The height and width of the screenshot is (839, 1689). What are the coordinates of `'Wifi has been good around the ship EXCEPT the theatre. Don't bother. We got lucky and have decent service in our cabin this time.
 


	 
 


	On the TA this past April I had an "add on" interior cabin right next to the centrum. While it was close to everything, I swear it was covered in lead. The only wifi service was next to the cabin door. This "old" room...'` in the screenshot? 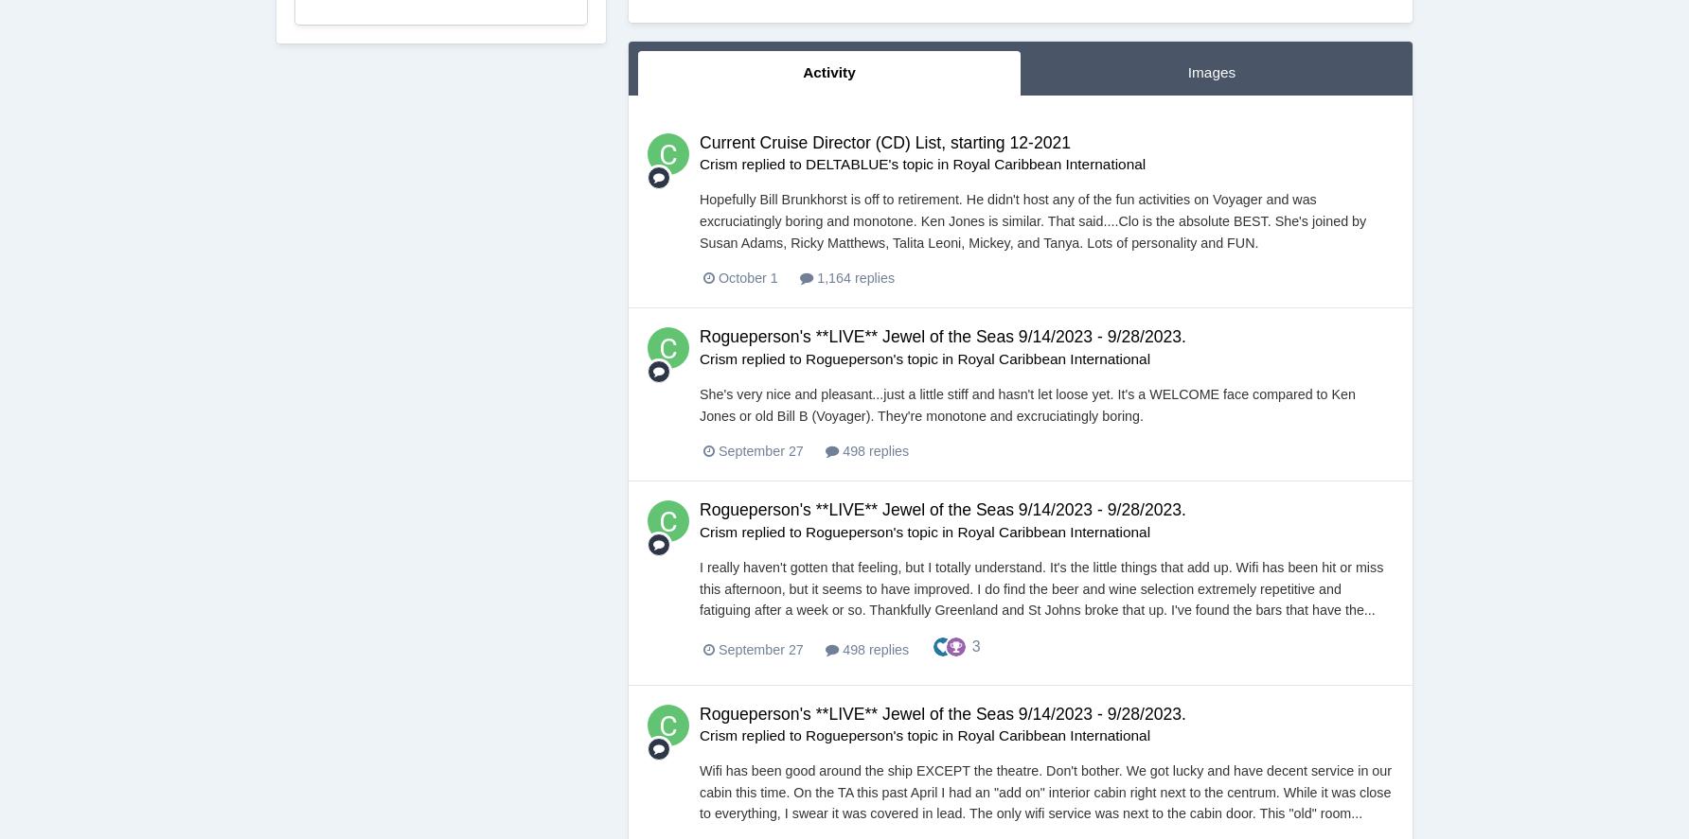 It's located at (1043, 791).